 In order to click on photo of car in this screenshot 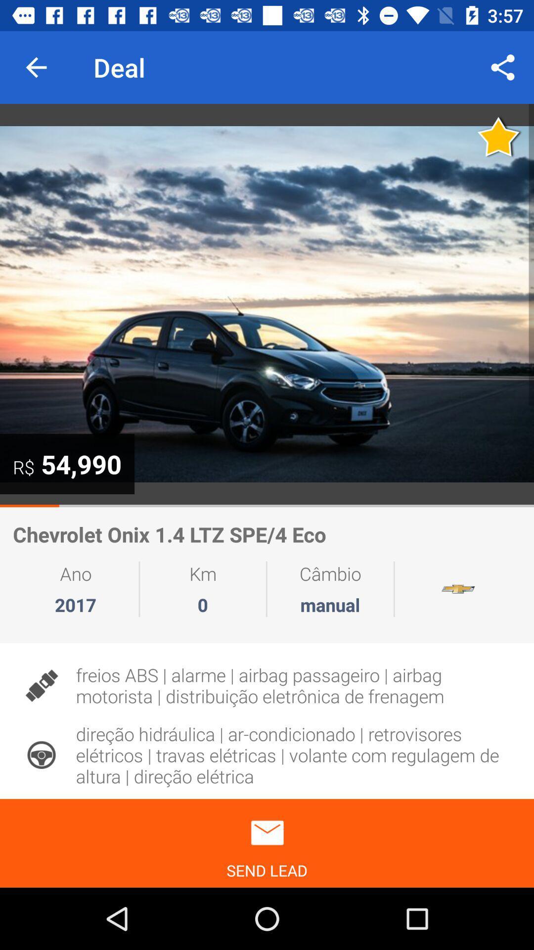, I will do `click(267, 303)`.